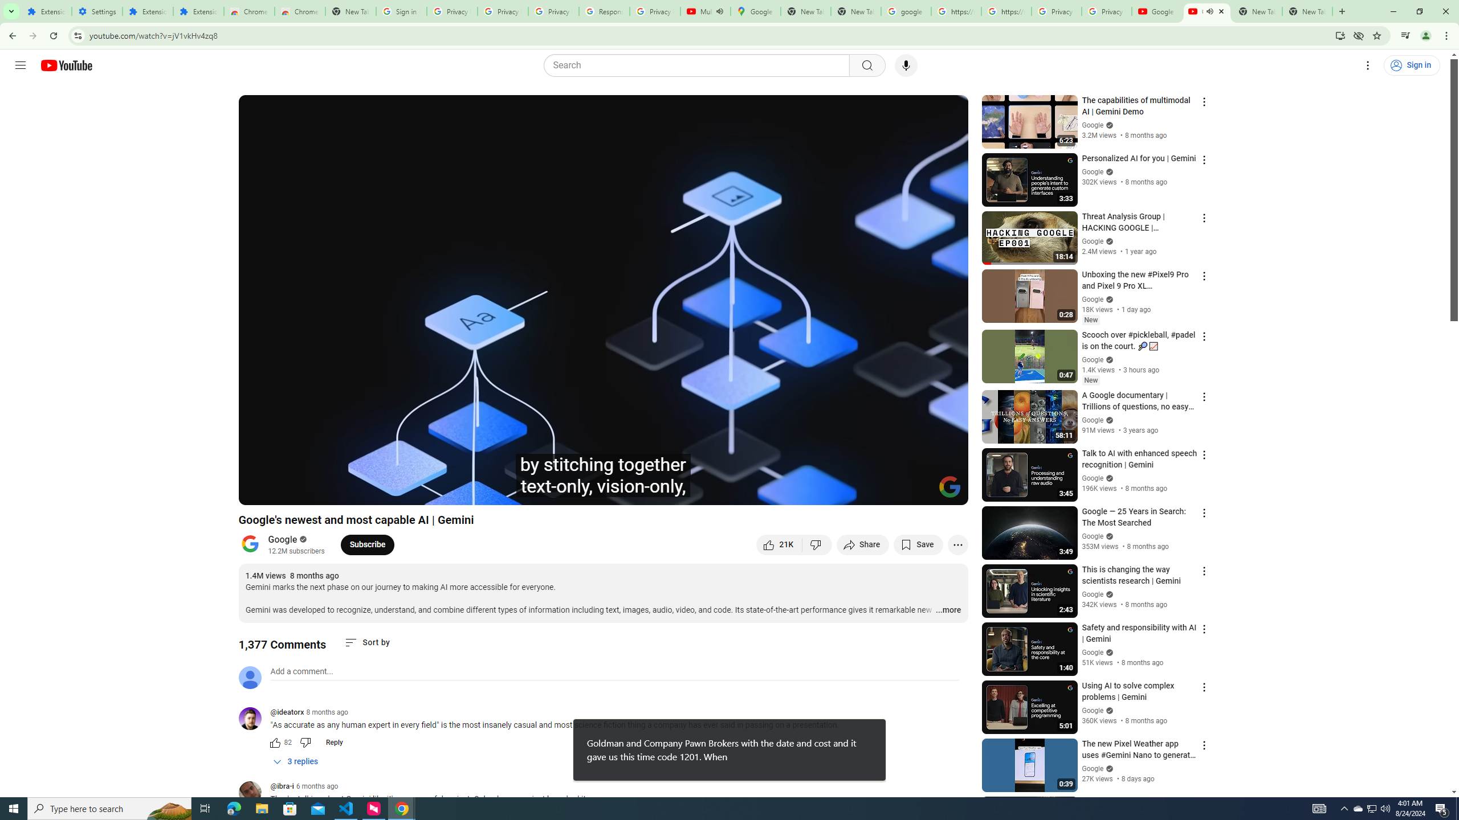 The image size is (1459, 820). Describe the element at coordinates (948, 610) in the screenshot. I see `'...more'` at that location.